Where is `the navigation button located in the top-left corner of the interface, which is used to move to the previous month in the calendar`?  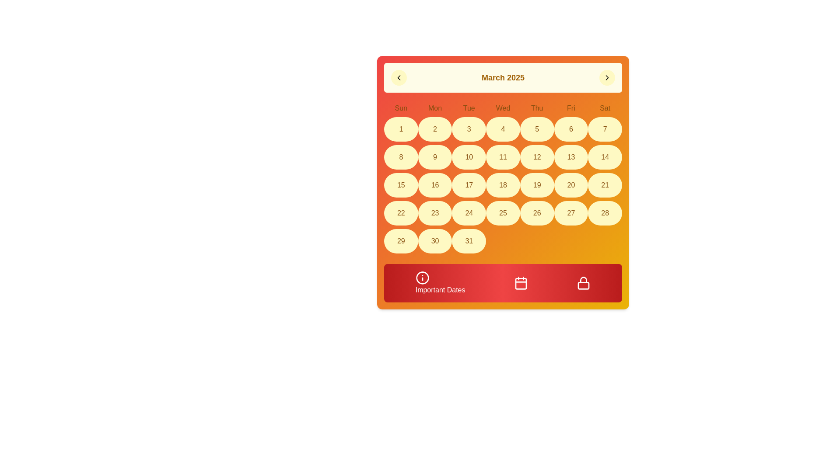
the navigation button located in the top-left corner of the interface, which is used to move to the previous month in the calendar is located at coordinates (399, 77).